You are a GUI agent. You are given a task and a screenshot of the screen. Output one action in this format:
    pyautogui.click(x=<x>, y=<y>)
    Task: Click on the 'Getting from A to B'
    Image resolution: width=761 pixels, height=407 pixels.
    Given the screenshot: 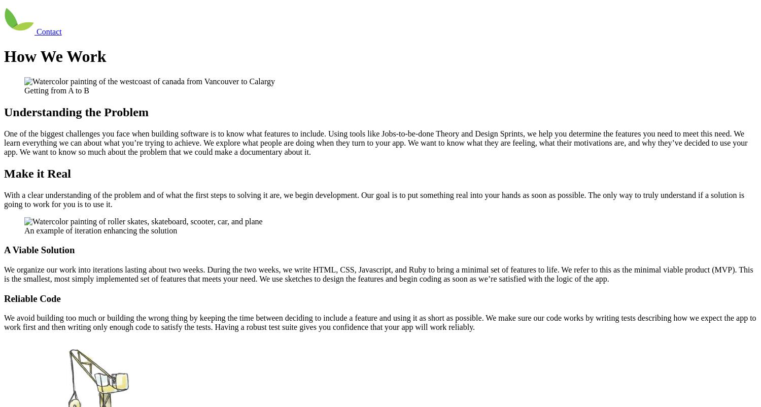 What is the action you would take?
    pyautogui.click(x=56, y=90)
    